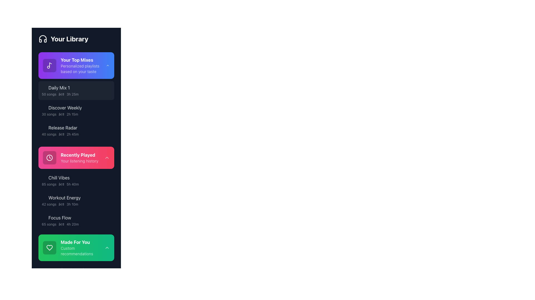  What do you see at coordinates (73, 108) in the screenshot?
I see `the 'Discover Weekly' text label located in the left sidebar under 'Your Library'` at bounding box center [73, 108].